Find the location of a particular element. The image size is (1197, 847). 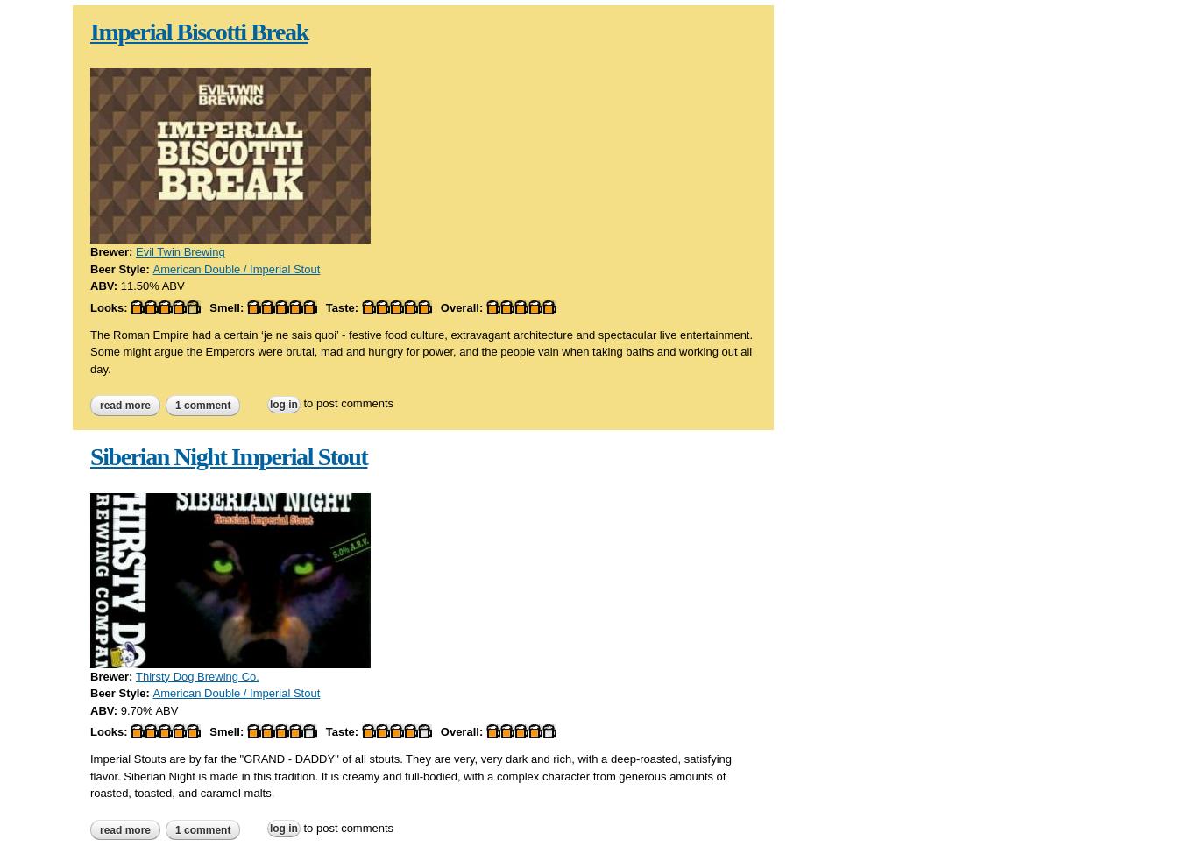

'9.70% ABV' is located at coordinates (148, 709).